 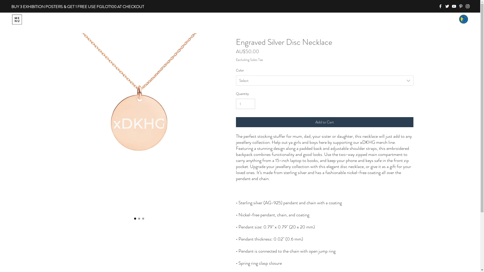 I want to click on 'Select', so click(x=324, y=80).